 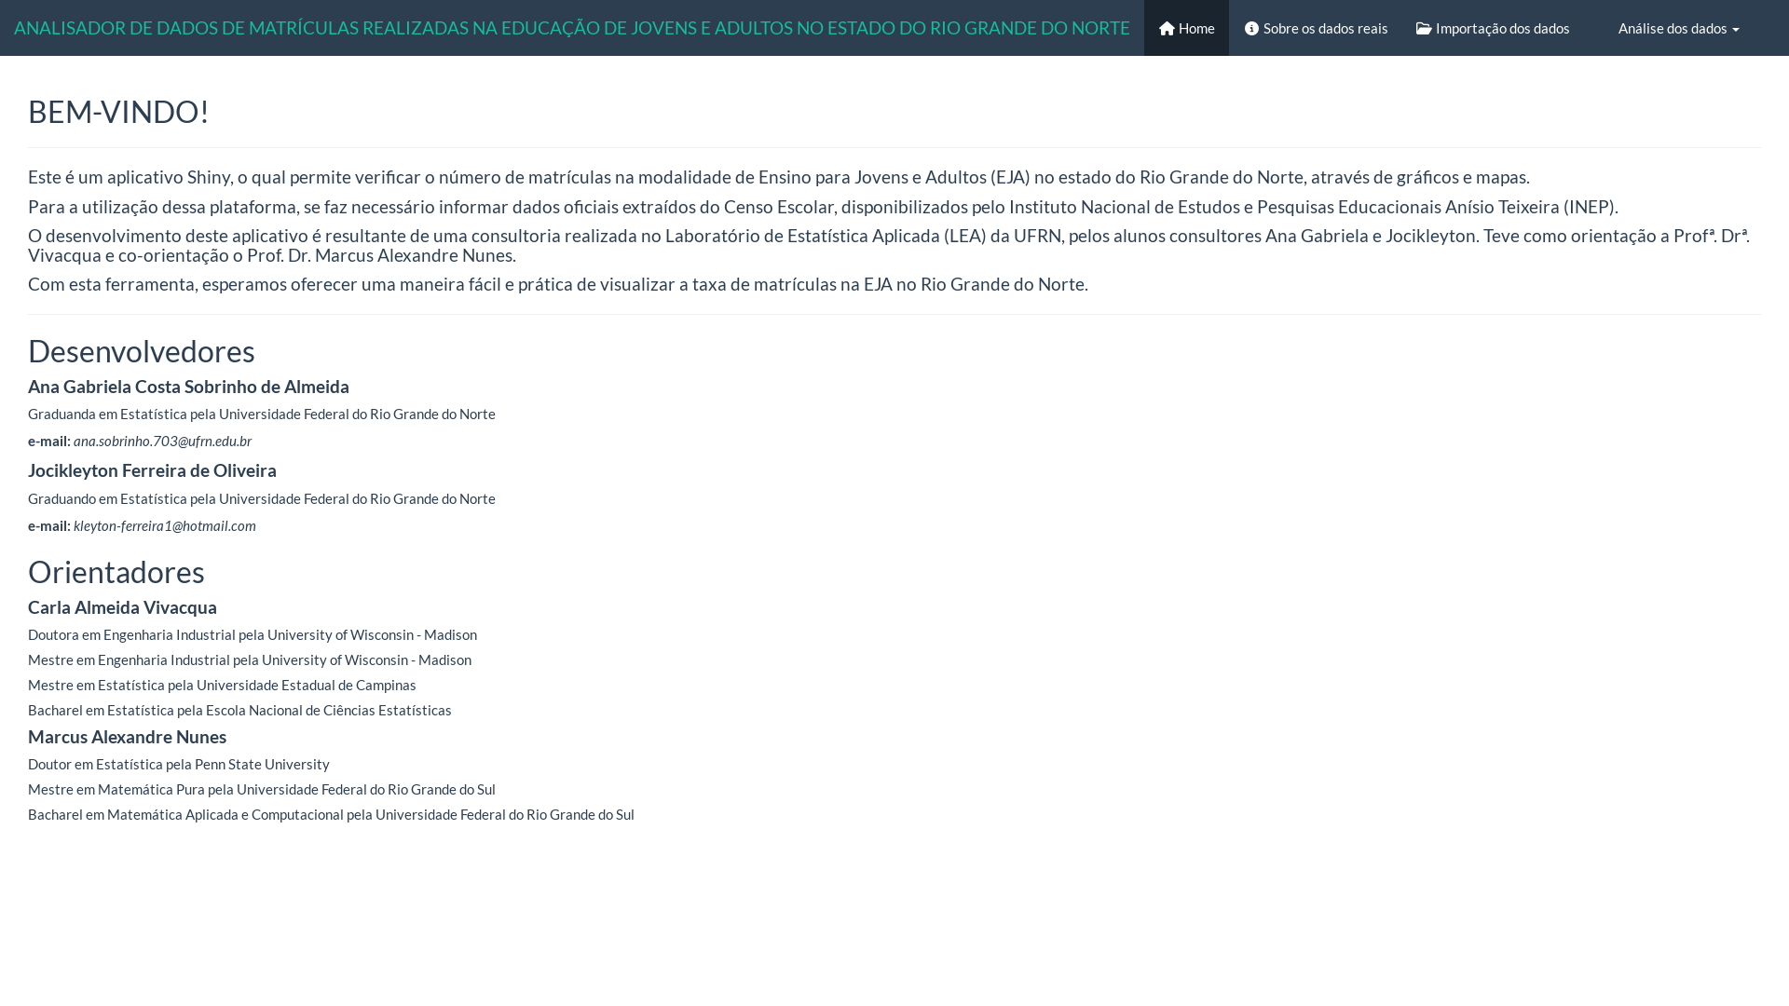 I want to click on 'Sobre os dados reais', so click(x=1229, y=28).